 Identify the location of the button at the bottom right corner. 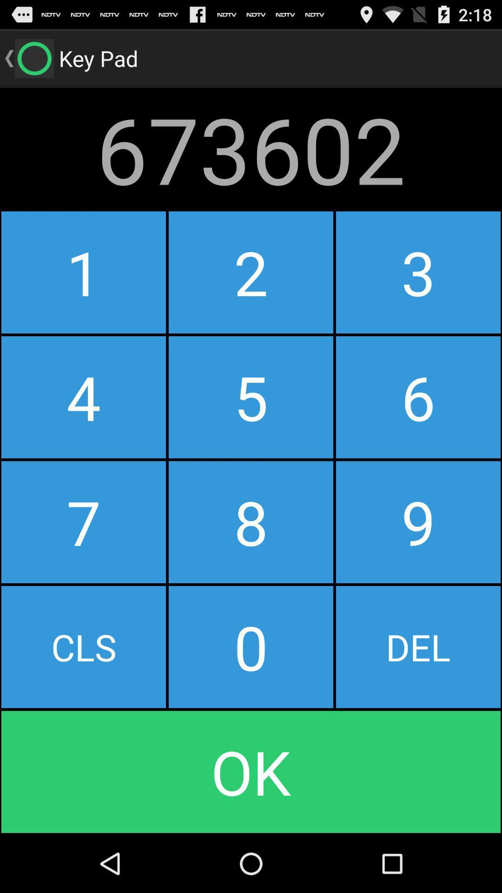
(417, 646).